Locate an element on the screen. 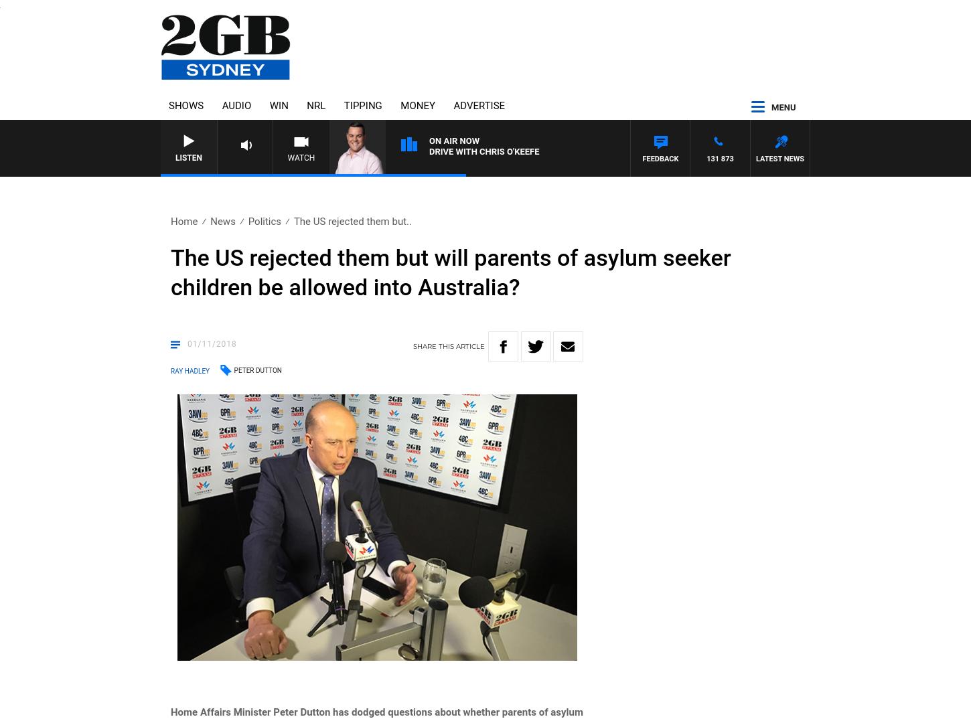  'Drive with Chris O'Keefe' is located at coordinates (483, 151).